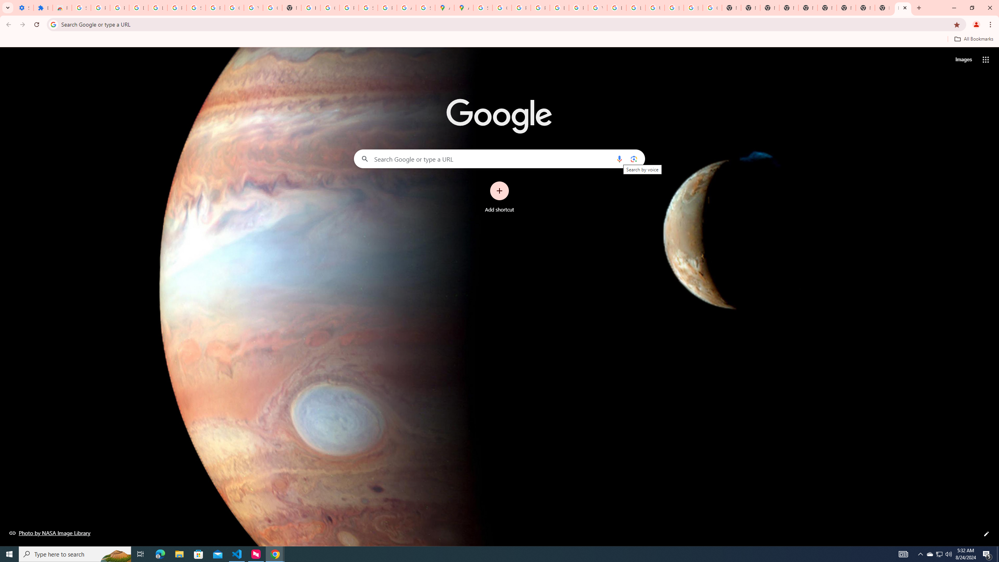 This screenshot has height=562, width=999. Describe the element at coordinates (157, 7) in the screenshot. I see `'Learn how to find your photos - Google Photos Help'` at that location.